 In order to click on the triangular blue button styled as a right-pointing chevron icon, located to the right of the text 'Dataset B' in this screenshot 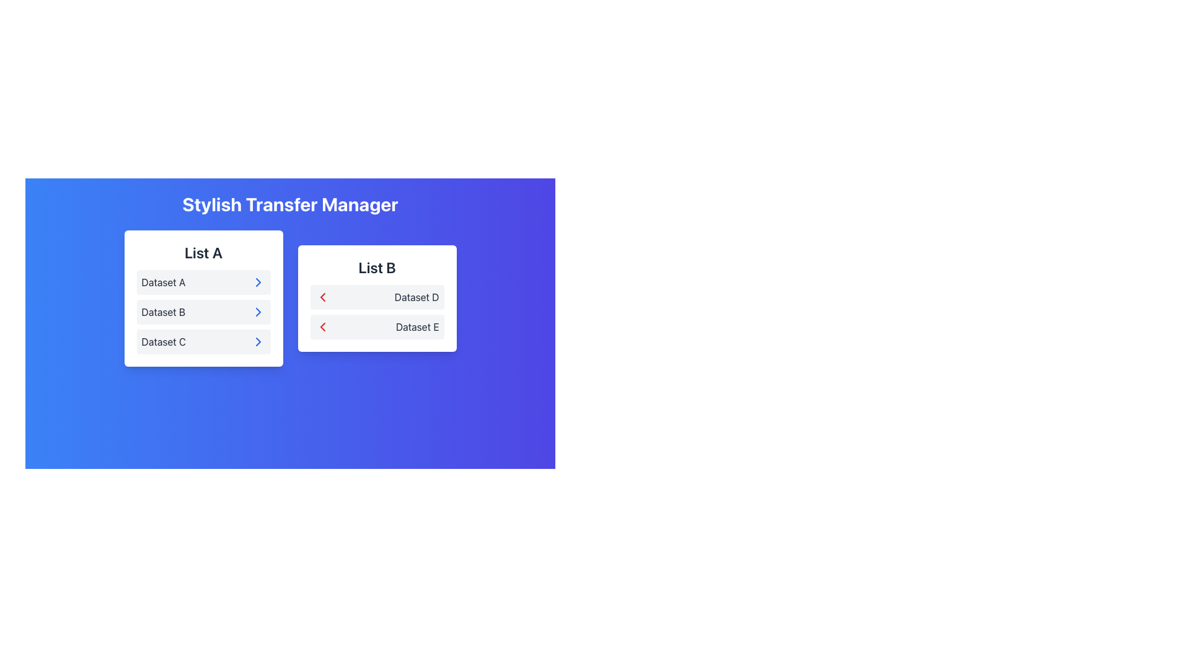, I will do `click(257, 312)`.